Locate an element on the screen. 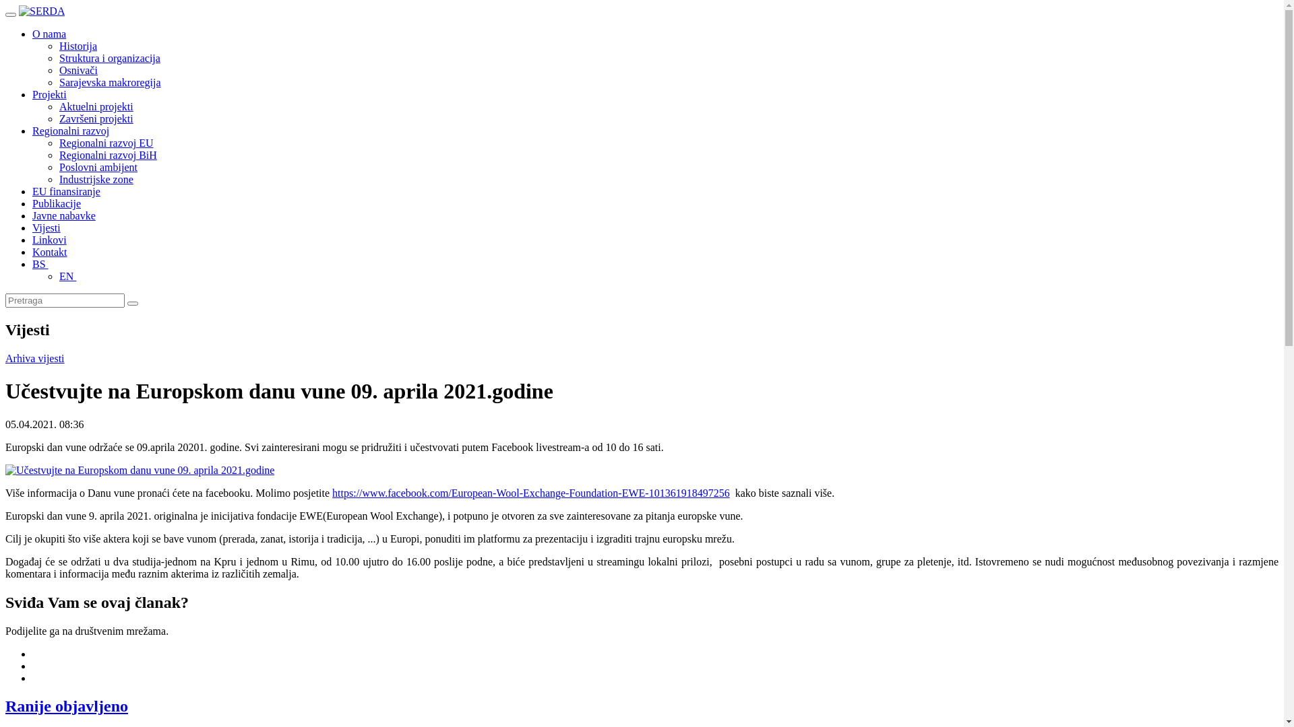 This screenshot has width=1294, height=727. 'EN' is located at coordinates (58, 275).